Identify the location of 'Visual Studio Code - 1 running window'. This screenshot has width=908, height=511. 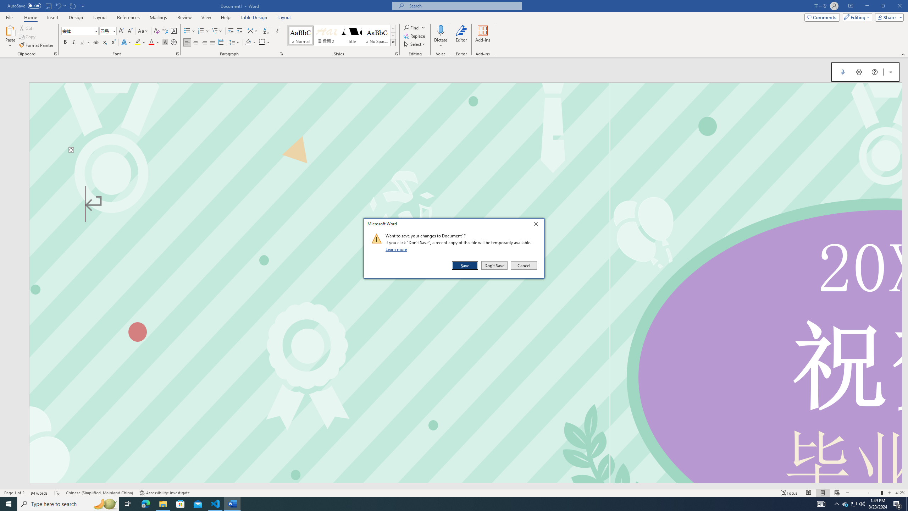
(215, 503).